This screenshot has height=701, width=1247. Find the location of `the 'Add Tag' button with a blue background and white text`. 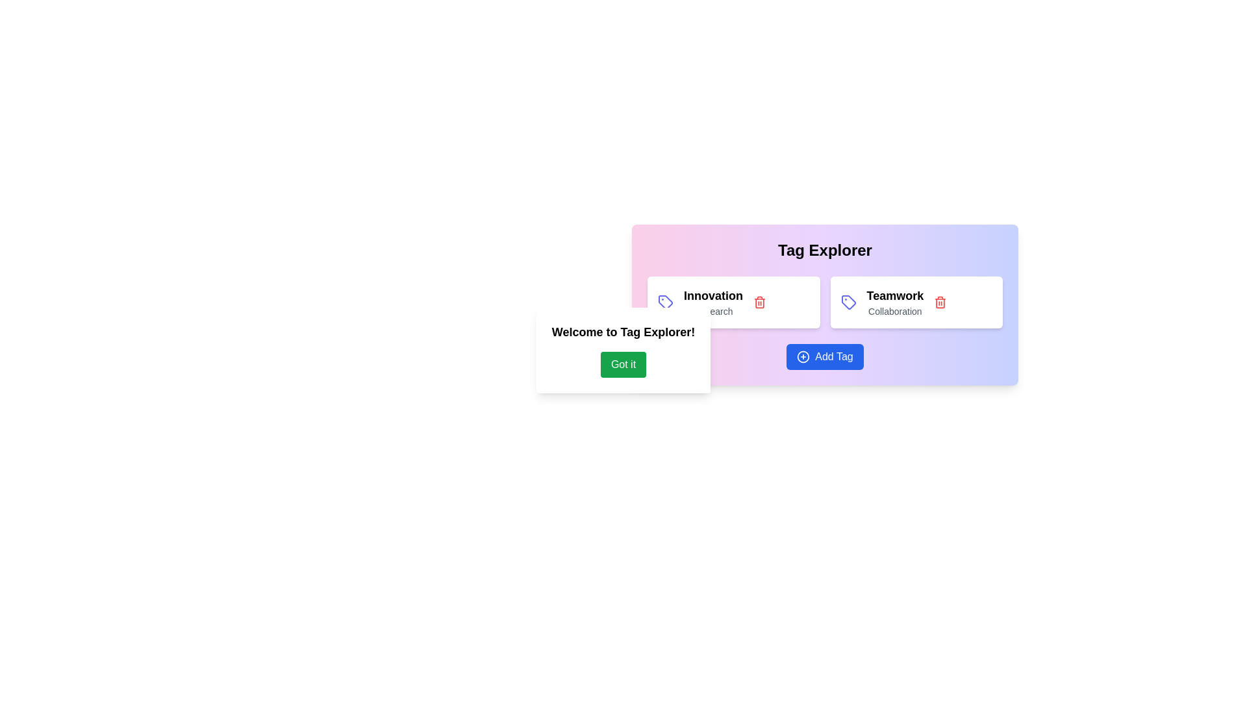

the 'Add Tag' button with a blue background and white text is located at coordinates (824, 357).